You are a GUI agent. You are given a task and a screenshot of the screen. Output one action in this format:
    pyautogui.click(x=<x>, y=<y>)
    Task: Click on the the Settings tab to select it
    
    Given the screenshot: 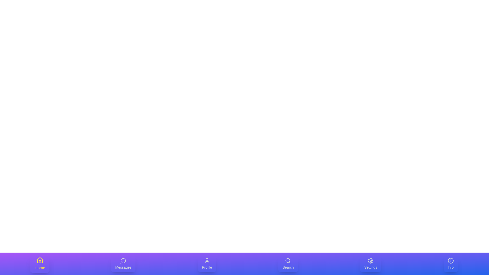 What is the action you would take?
    pyautogui.click(x=371, y=264)
    